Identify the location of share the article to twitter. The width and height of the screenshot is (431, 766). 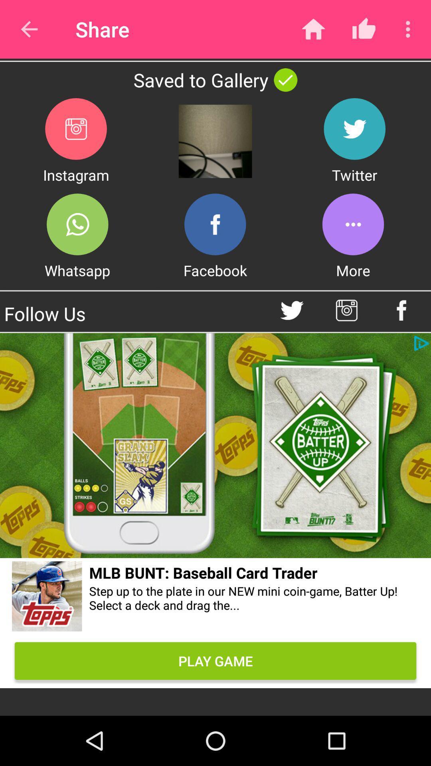
(354, 129).